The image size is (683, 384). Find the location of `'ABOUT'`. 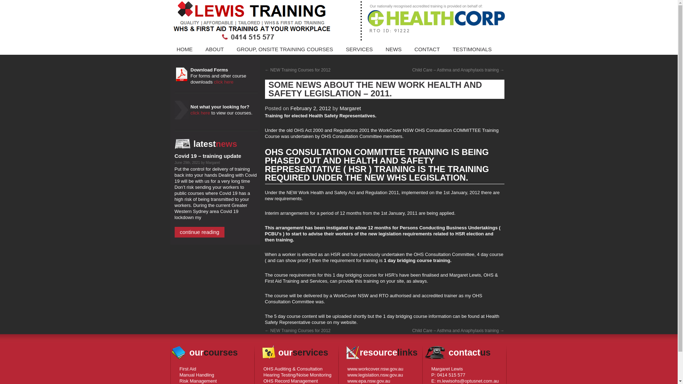

'ABOUT' is located at coordinates (215, 49).